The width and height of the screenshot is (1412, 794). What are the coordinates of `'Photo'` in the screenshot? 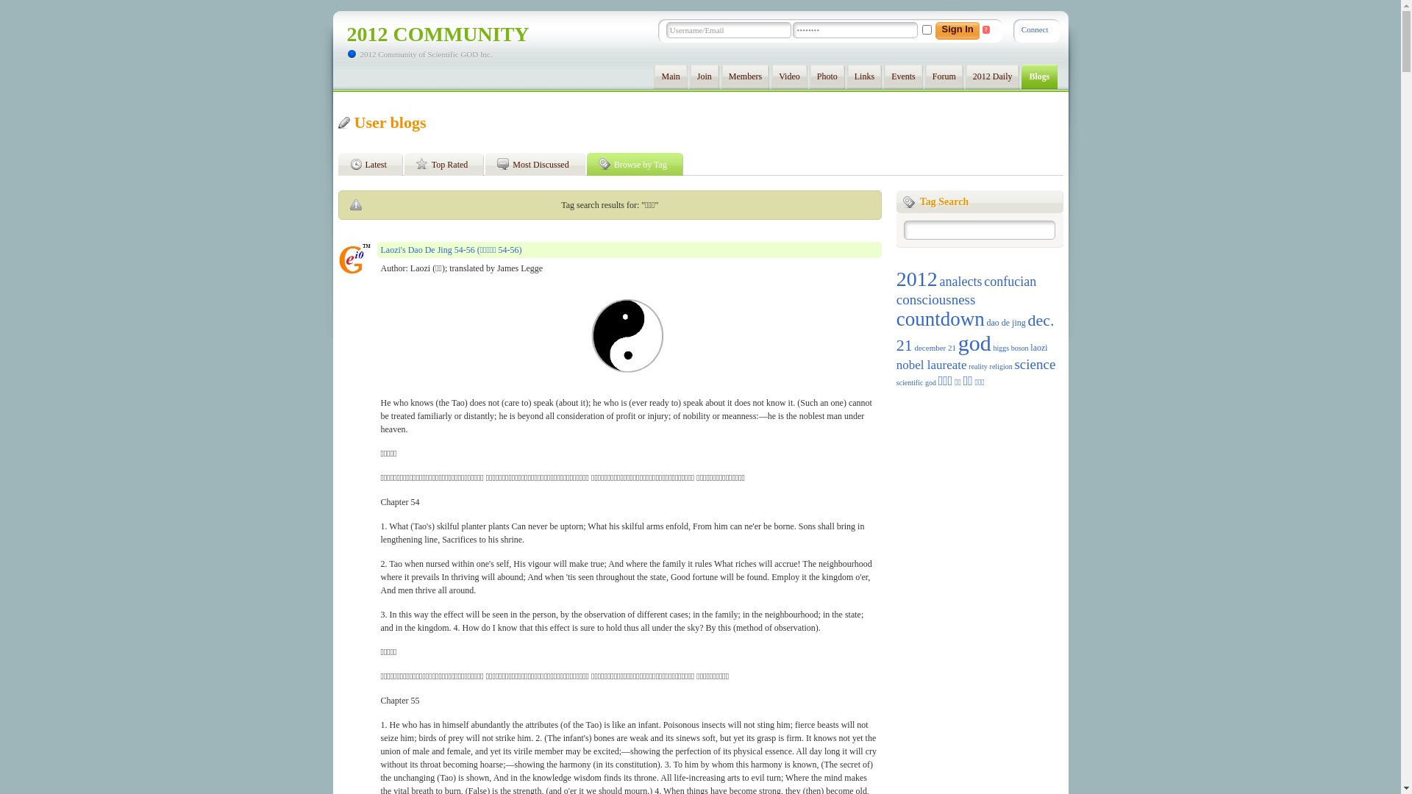 It's located at (827, 76).